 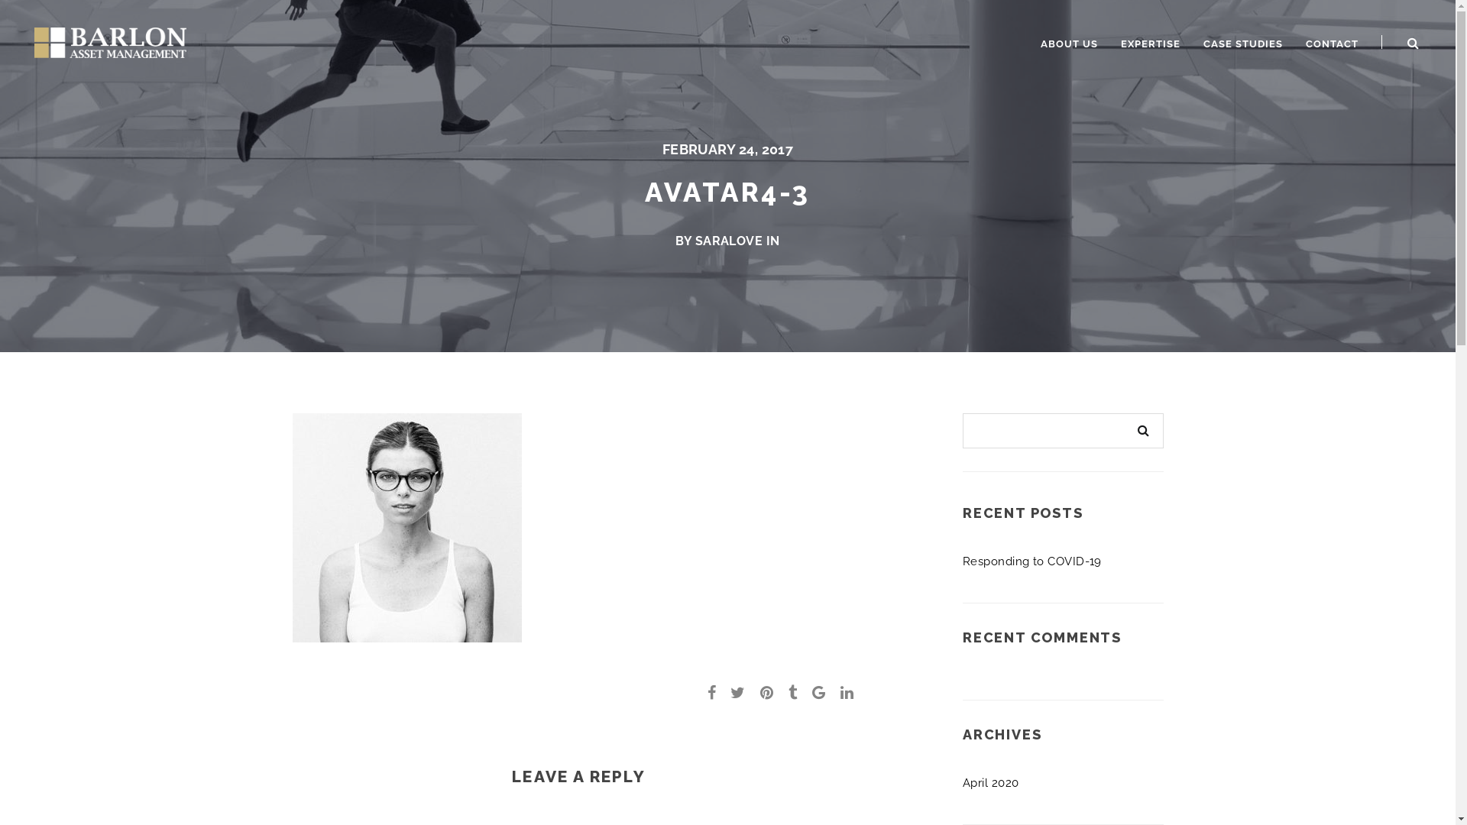 What do you see at coordinates (990, 783) in the screenshot?
I see `'April 2020'` at bounding box center [990, 783].